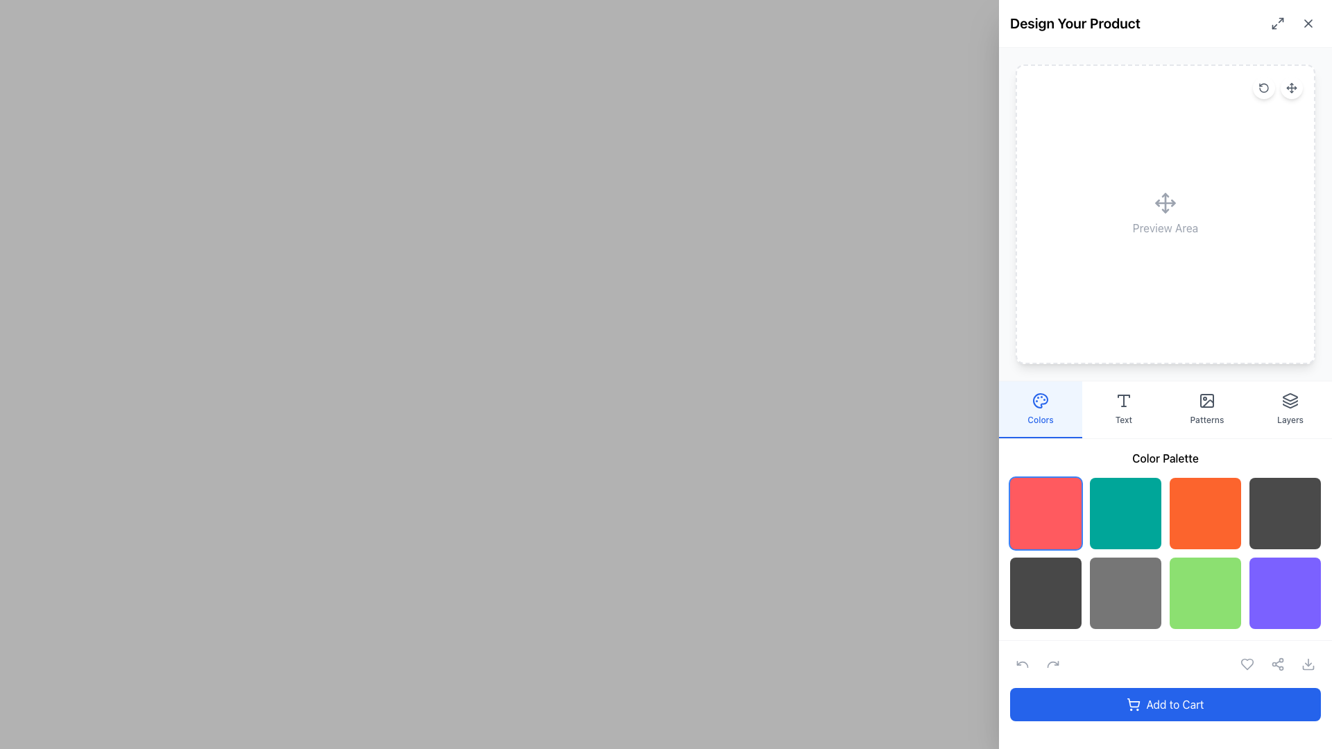 The image size is (1332, 749). What do you see at coordinates (1264, 88) in the screenshot?
I see `the circular button with a left-pointing arrow icon in the top-right corner of the preview area` at bounding box center [1264, 88].